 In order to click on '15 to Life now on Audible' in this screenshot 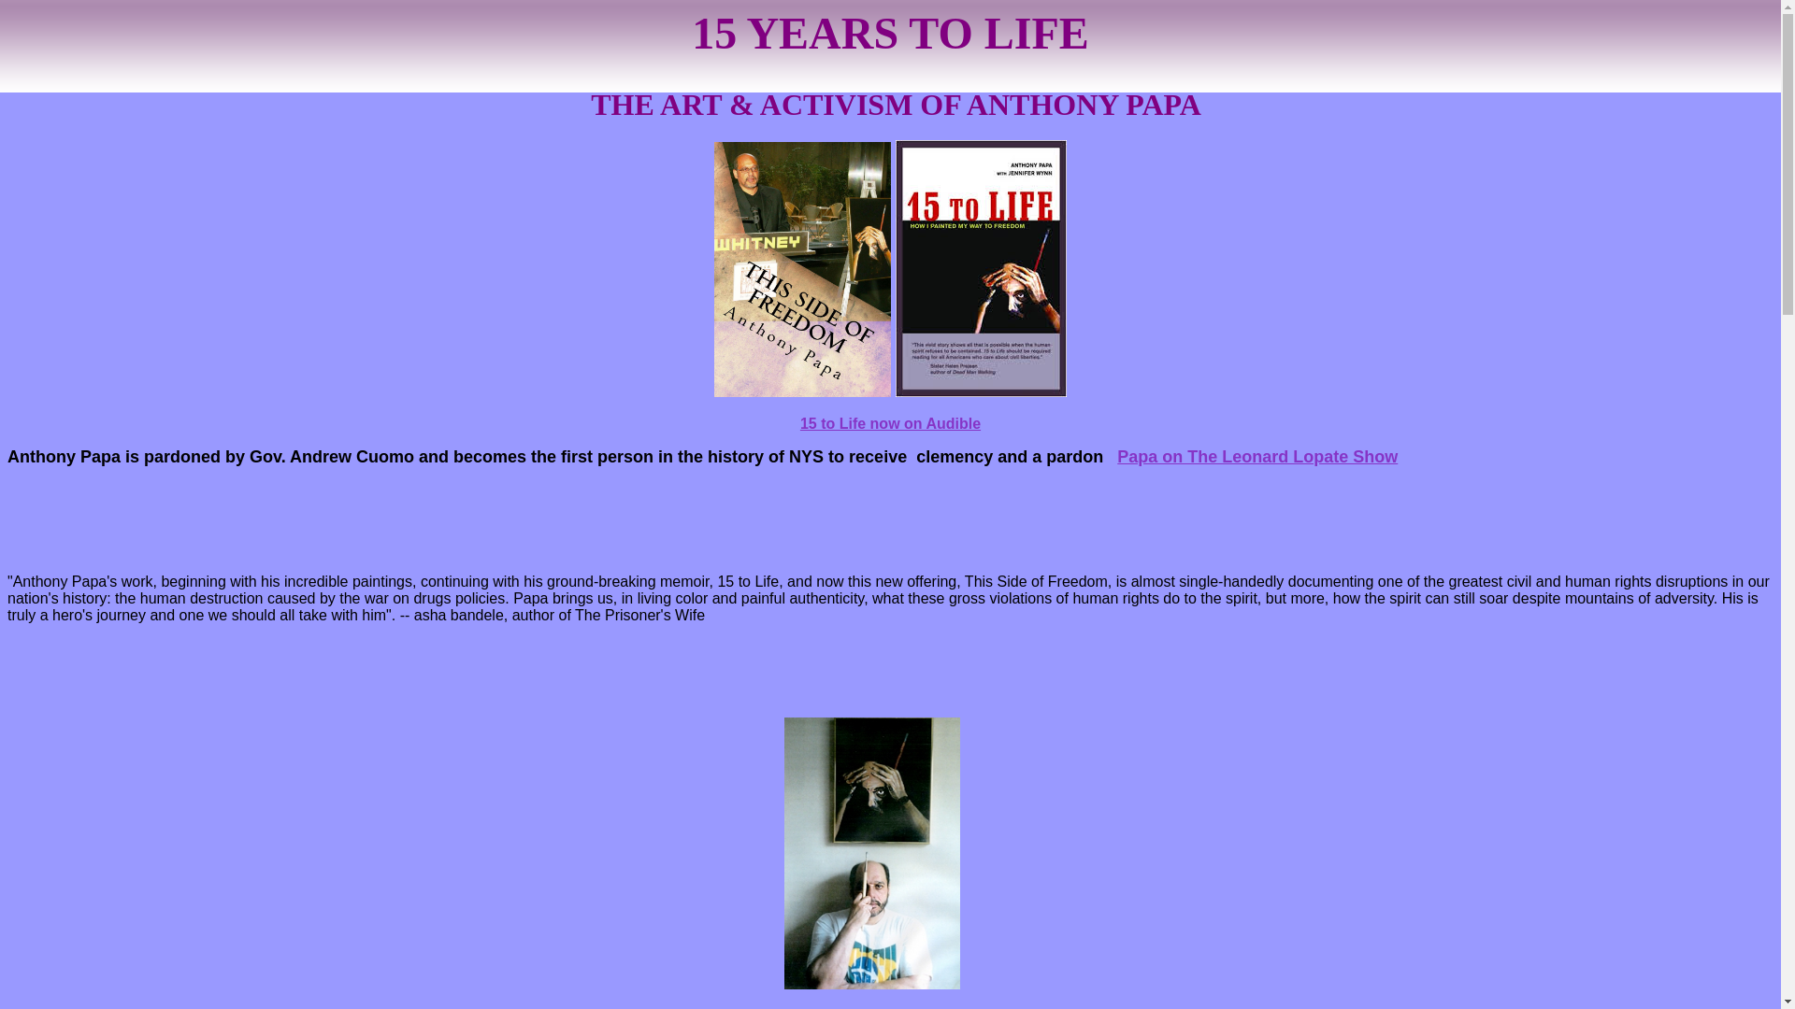, I will do `click(889, 423)`.